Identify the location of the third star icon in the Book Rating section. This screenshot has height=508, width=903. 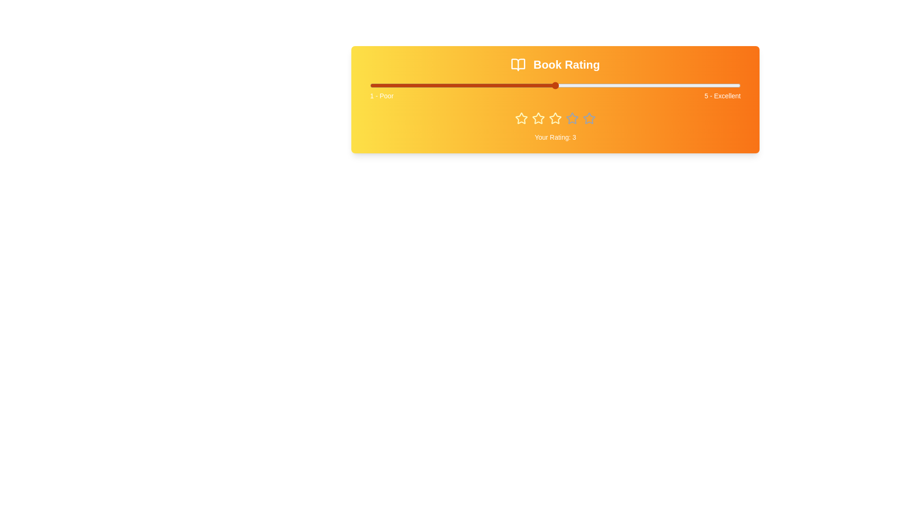
(539, 118).